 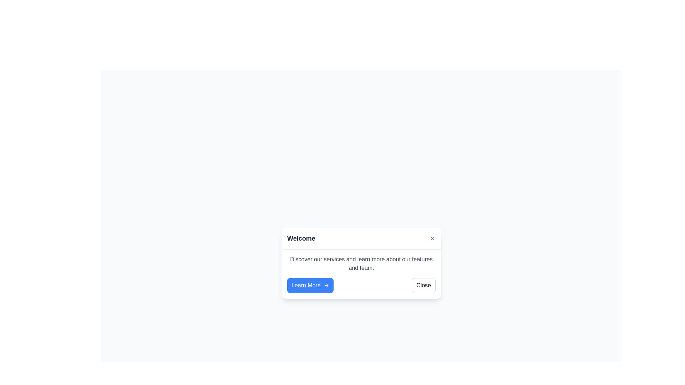 I want to click on the 'Close' button, so click(x=423, y=285).